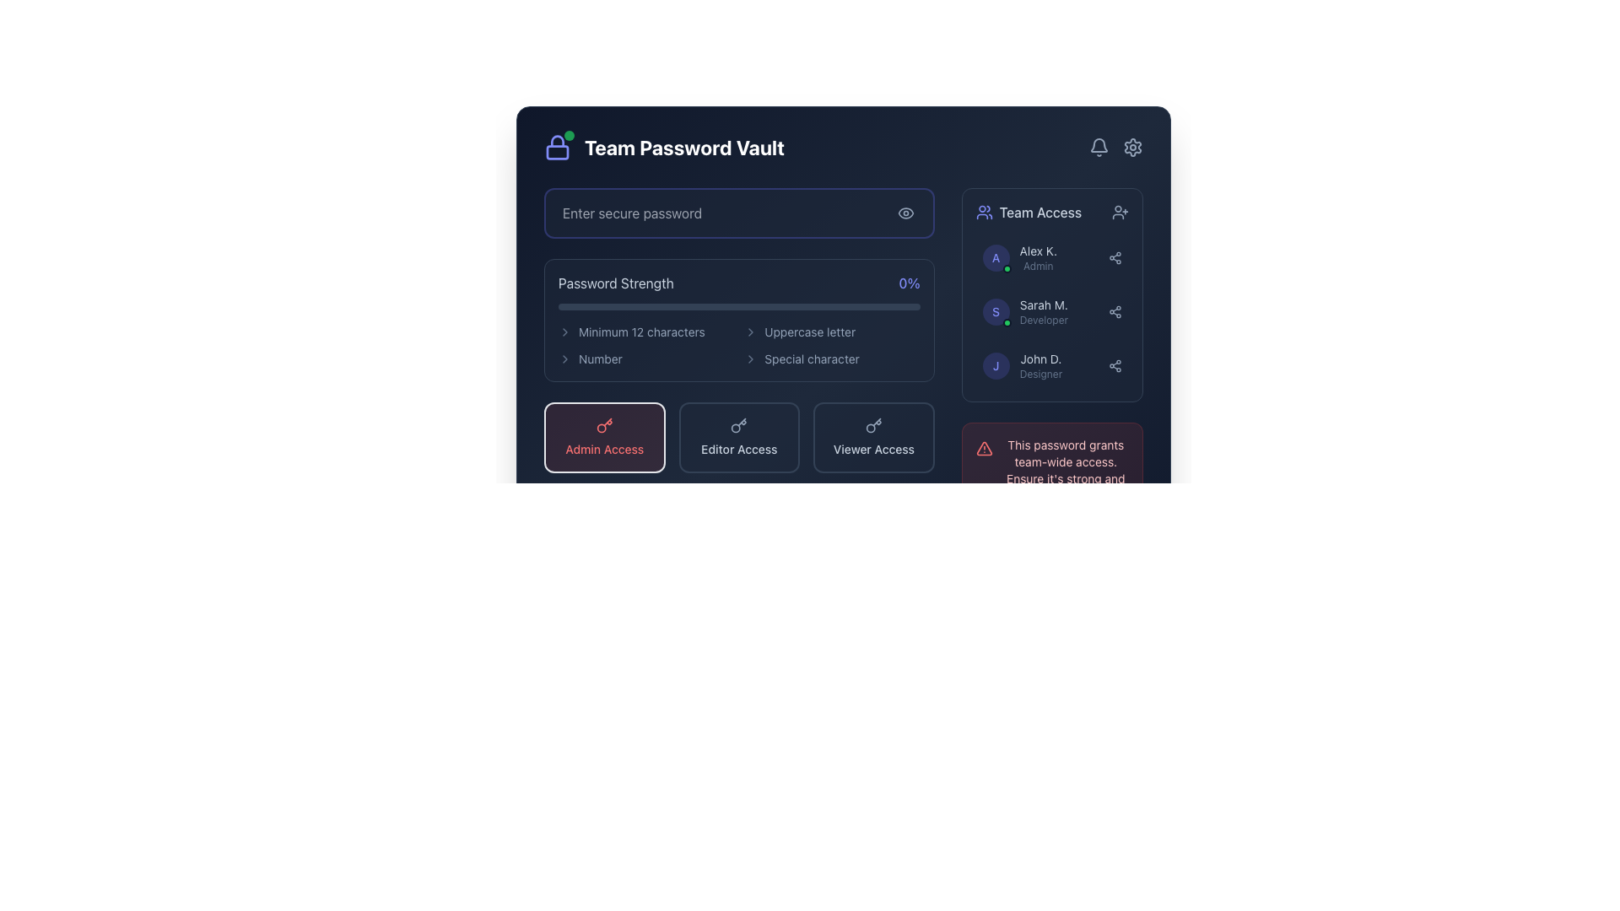 Image resolution: width=1620 pixels, height=911 pixels. Describe the element at coordinates (1043, 321) in the screenshot. I see `the text label reading 'Developer' located in the 'Team Access' sidebar, positioned below 'Sarah M.' and above the share icon` at that location.